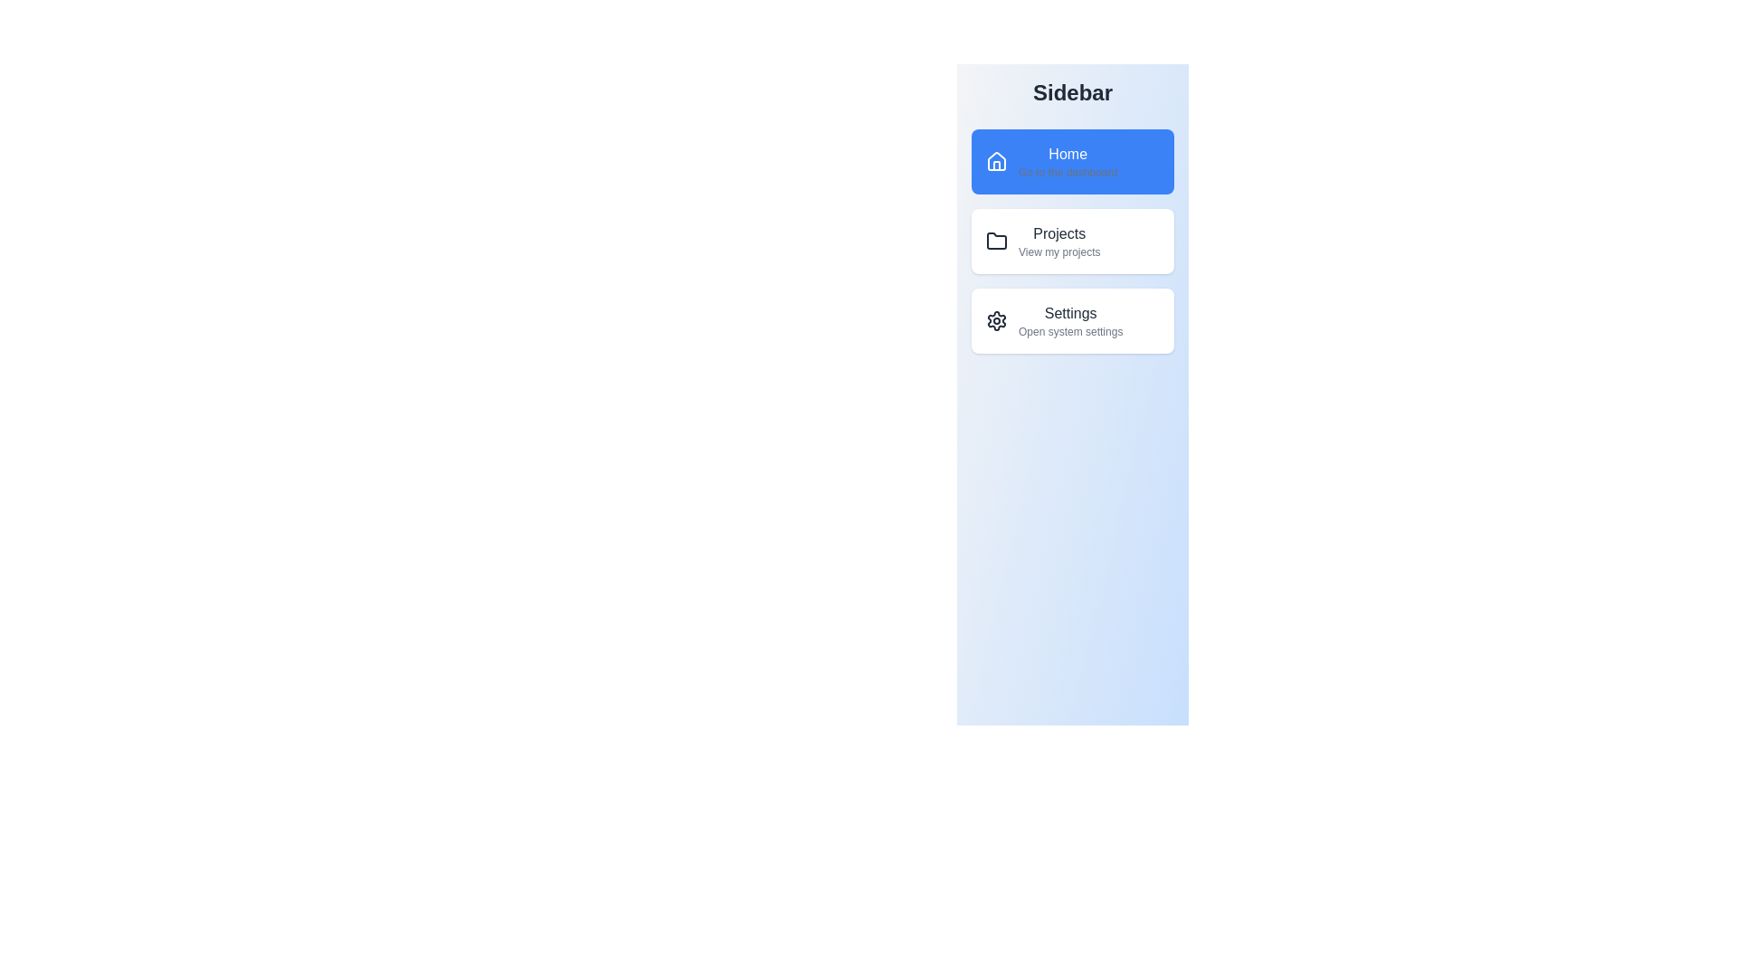  I want to click on the Settings tab in the sidebar, so click(1072, 319).